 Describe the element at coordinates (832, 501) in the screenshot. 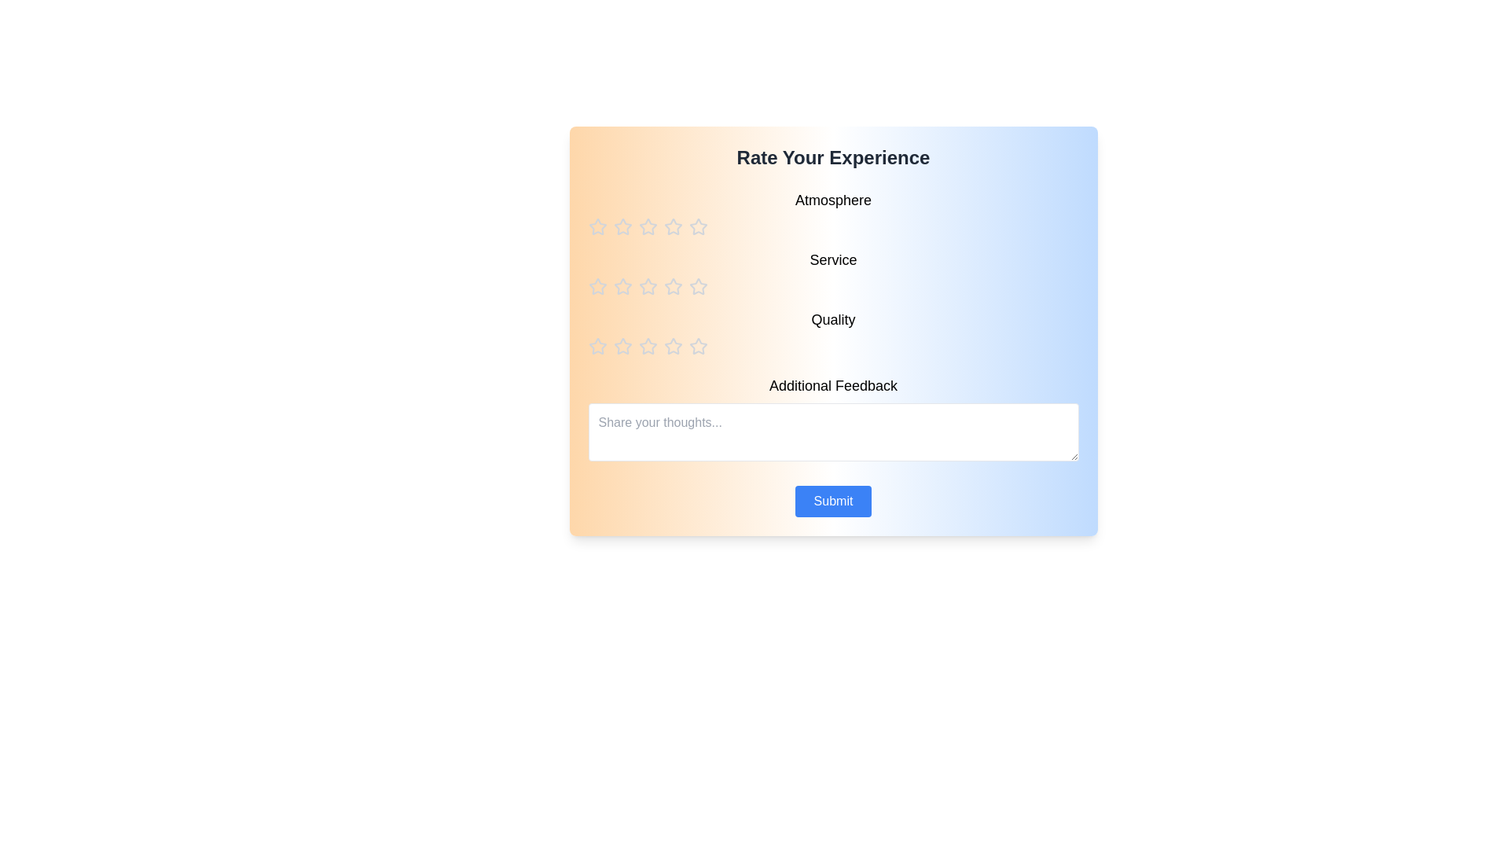

I see `the submit button to submit the ratings and feedback` at that location.